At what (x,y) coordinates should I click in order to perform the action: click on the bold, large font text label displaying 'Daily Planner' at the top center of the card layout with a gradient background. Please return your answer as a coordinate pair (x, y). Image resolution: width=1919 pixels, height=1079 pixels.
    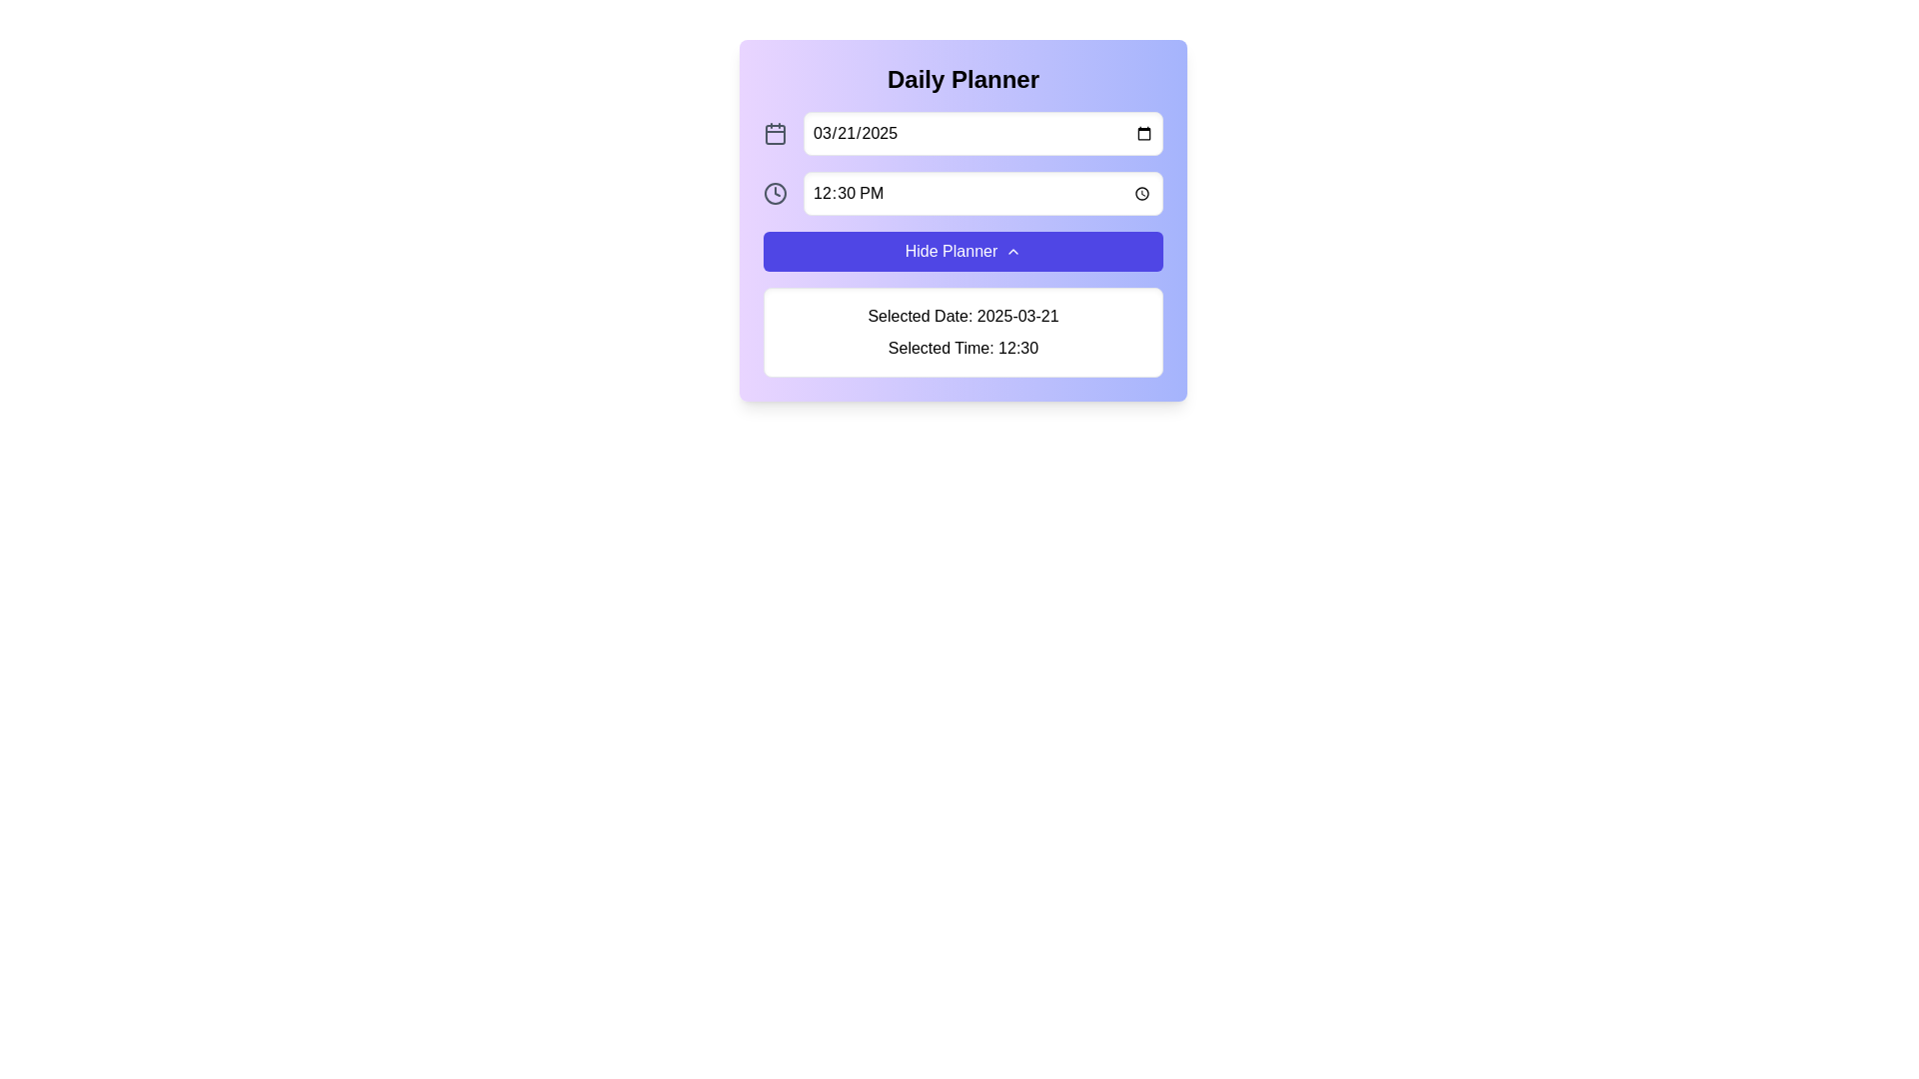
    Looking at the image, I should click on (963, 79).